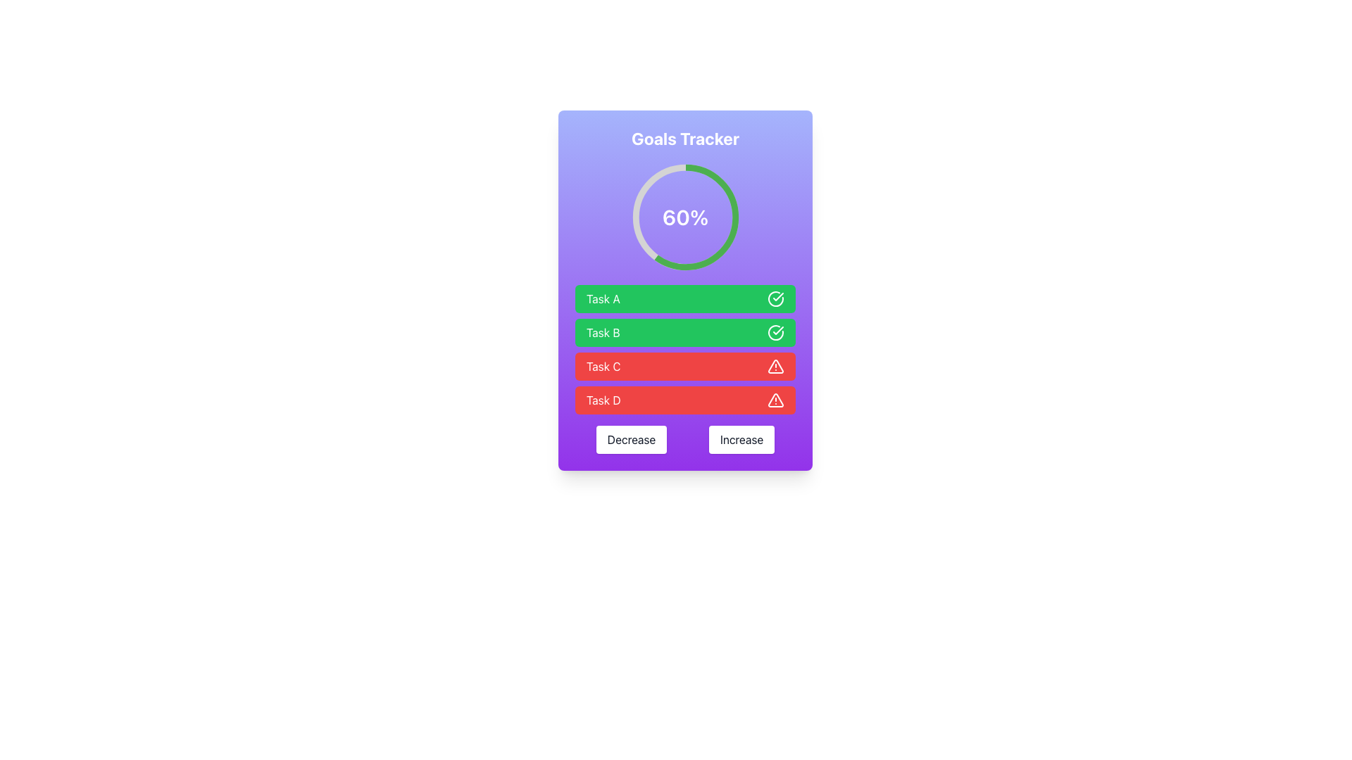 The image size is (1352, 760). I want to click on the triangular warning icon with a white shape and red background located on the far right of the 'Task D' row, so click(775, 400).